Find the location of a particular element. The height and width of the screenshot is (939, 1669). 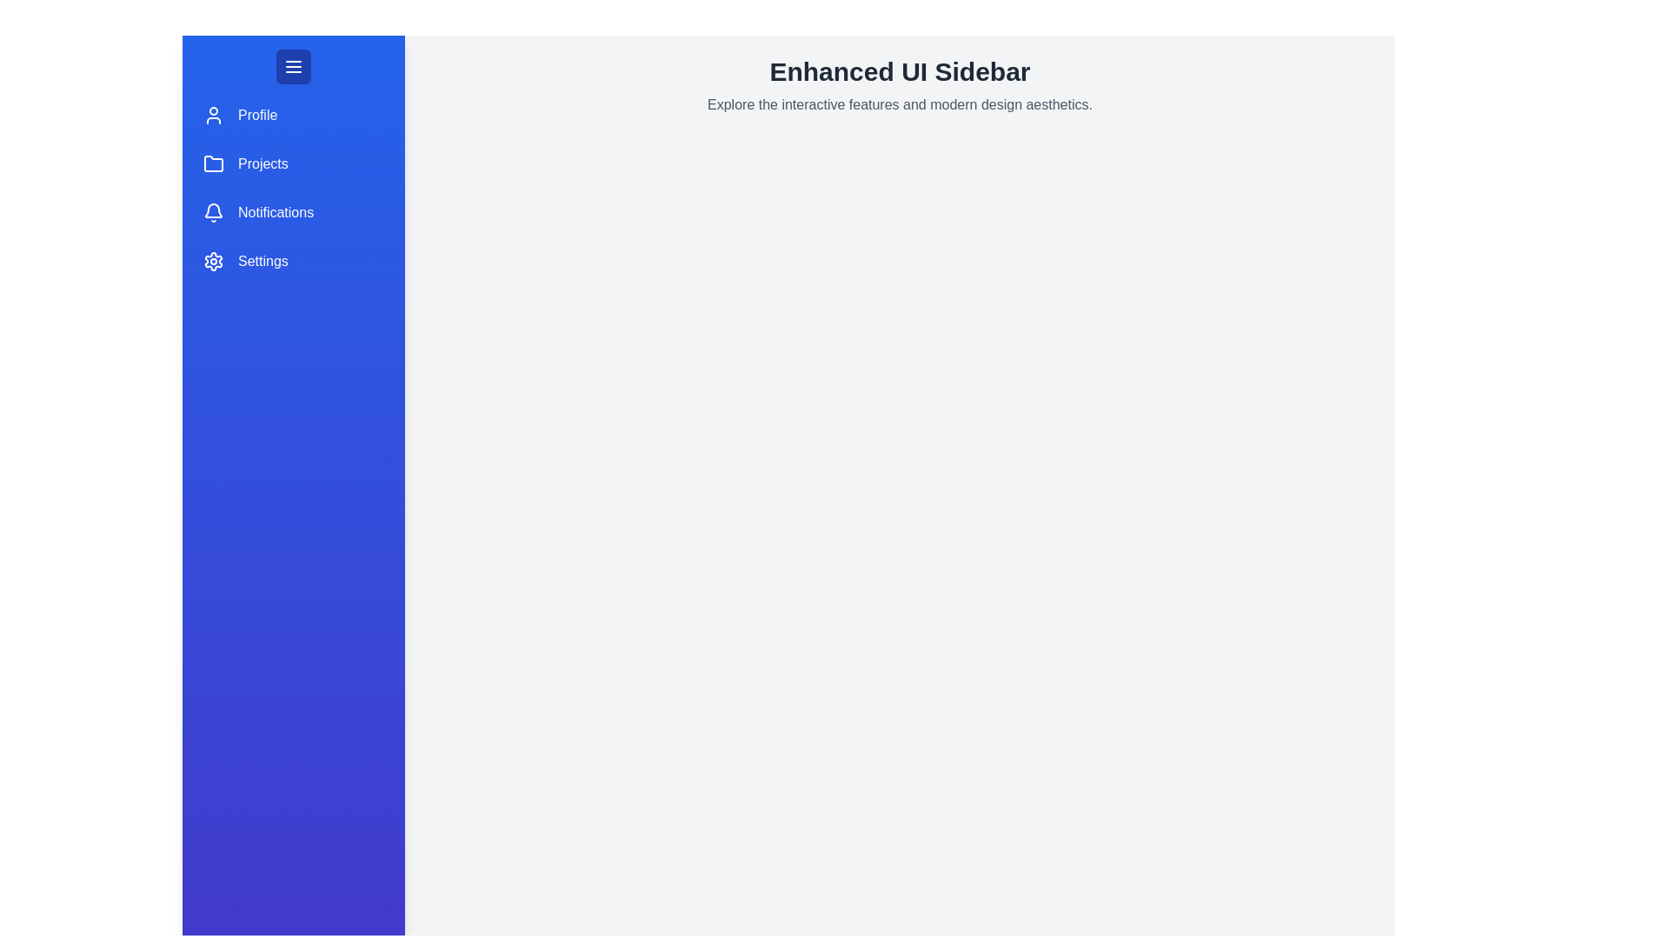

the menu item labeled Projects to highlight it is located at coordinates (293, 164).